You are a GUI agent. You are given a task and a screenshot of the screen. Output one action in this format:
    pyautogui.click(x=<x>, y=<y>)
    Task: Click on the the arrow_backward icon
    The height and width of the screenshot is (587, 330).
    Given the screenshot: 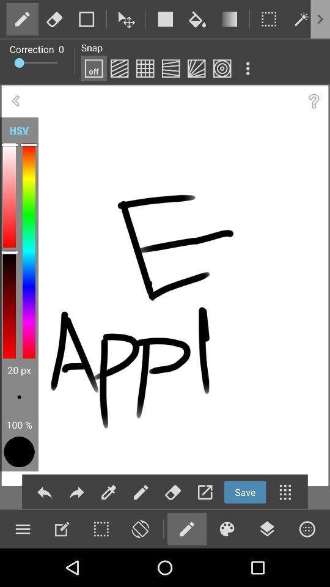 What is the action you would take?
    pyautogui.click(x=15, y=100)
    